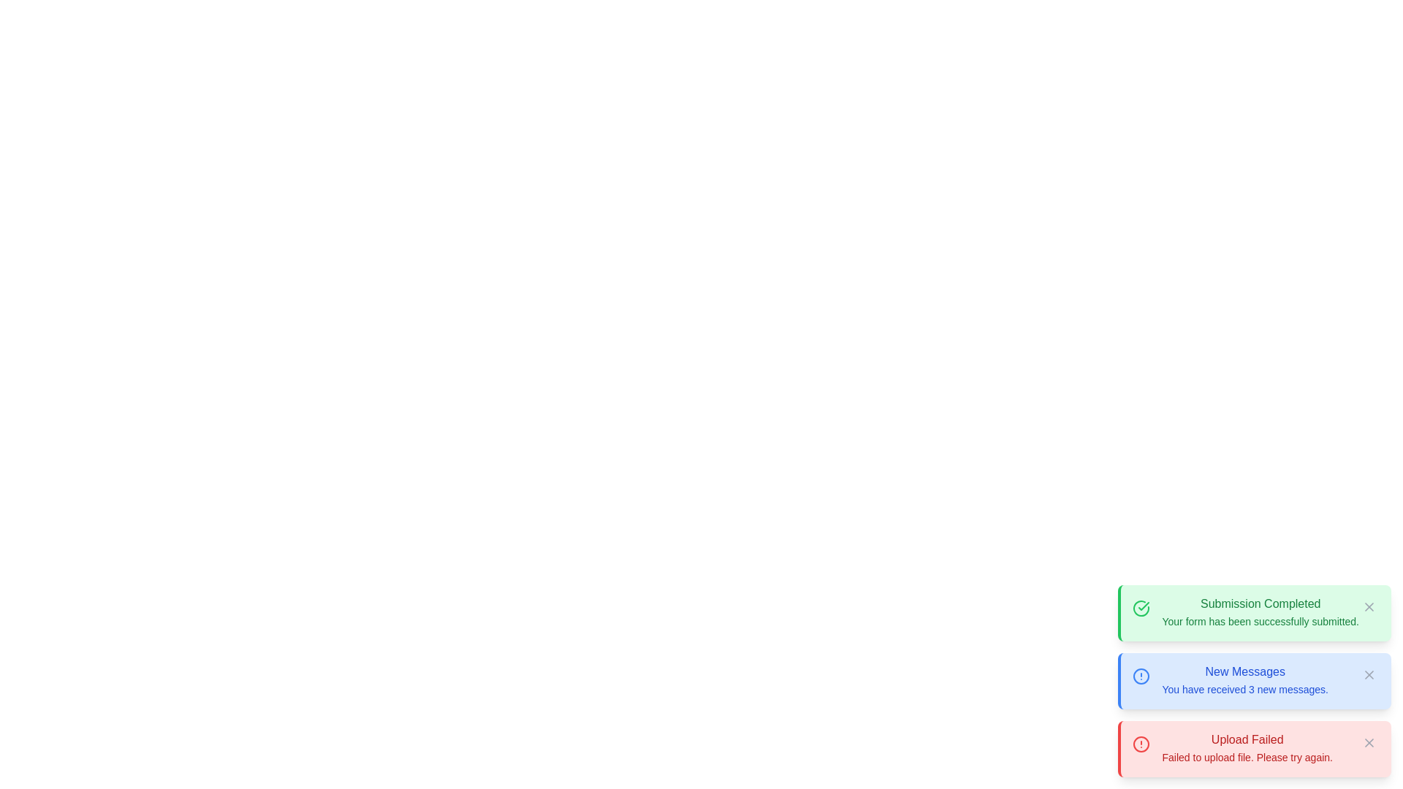 This screenshot has height=789, width=1403. Describe the element at coordinates (1143, 606) in the screenshot. I see `the checkmark icon within the green 'Submission Completed' notification card to indicate successful completion` at that location.